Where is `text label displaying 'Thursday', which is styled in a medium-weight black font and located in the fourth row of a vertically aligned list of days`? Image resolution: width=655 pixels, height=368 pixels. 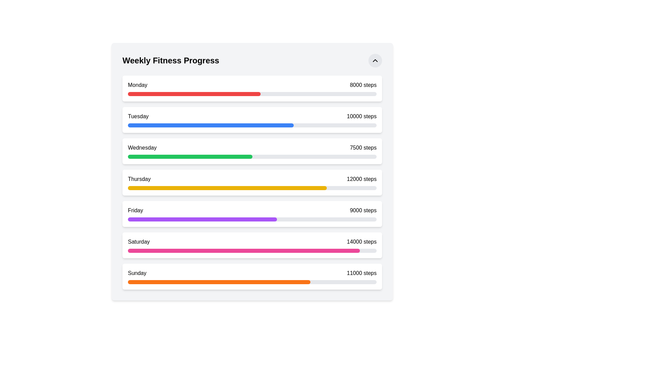
text label displaying 'Thursday', which is styled in a medium-weight black font and located in the fourth row of a vertically aligned list of days is located at coordinates (139, 179).